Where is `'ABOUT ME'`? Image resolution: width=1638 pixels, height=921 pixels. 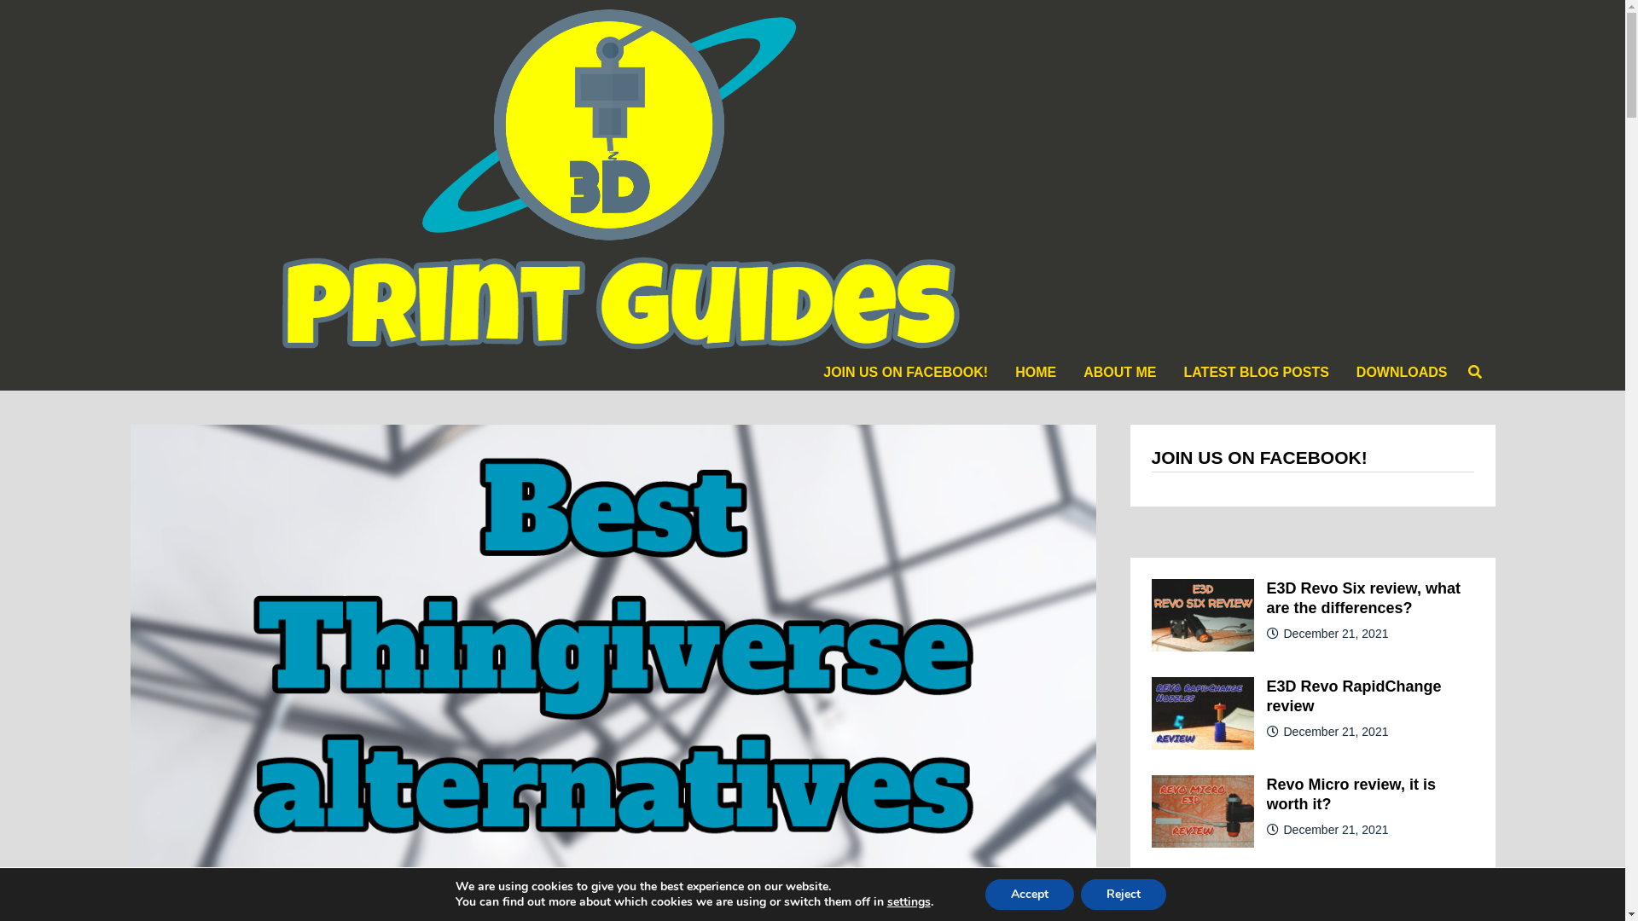
'ABOUT ME' is located at coordinates (1119, 371).